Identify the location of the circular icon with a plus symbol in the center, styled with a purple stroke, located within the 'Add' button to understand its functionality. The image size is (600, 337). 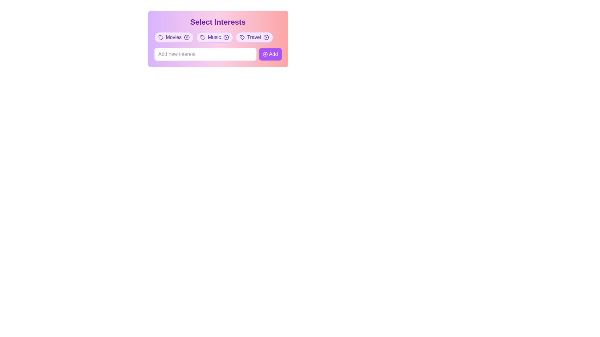
(265, 54).